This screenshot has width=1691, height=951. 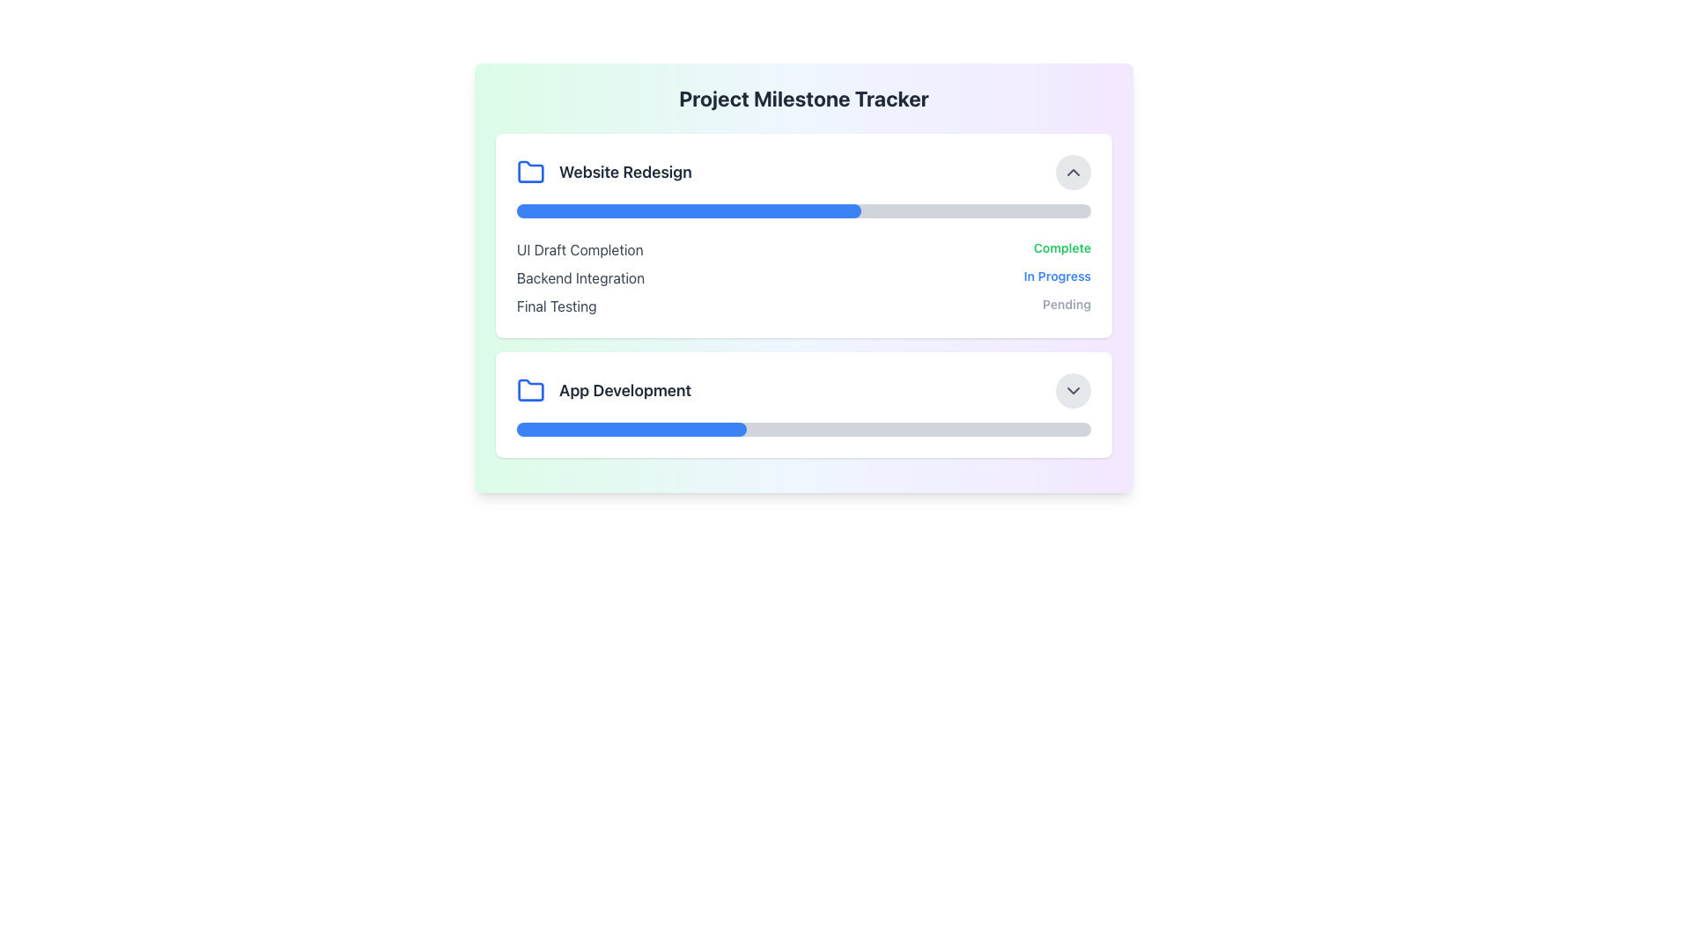 What do you see at coordinates (580, 277) in the screenshot?
I see `the text label displaying the task name in the project tracking interface, located under 'Website Redesign', specifically the second item between 'UI Draft Completion' and 'Final Testing'` at bounding box center [580, 277].